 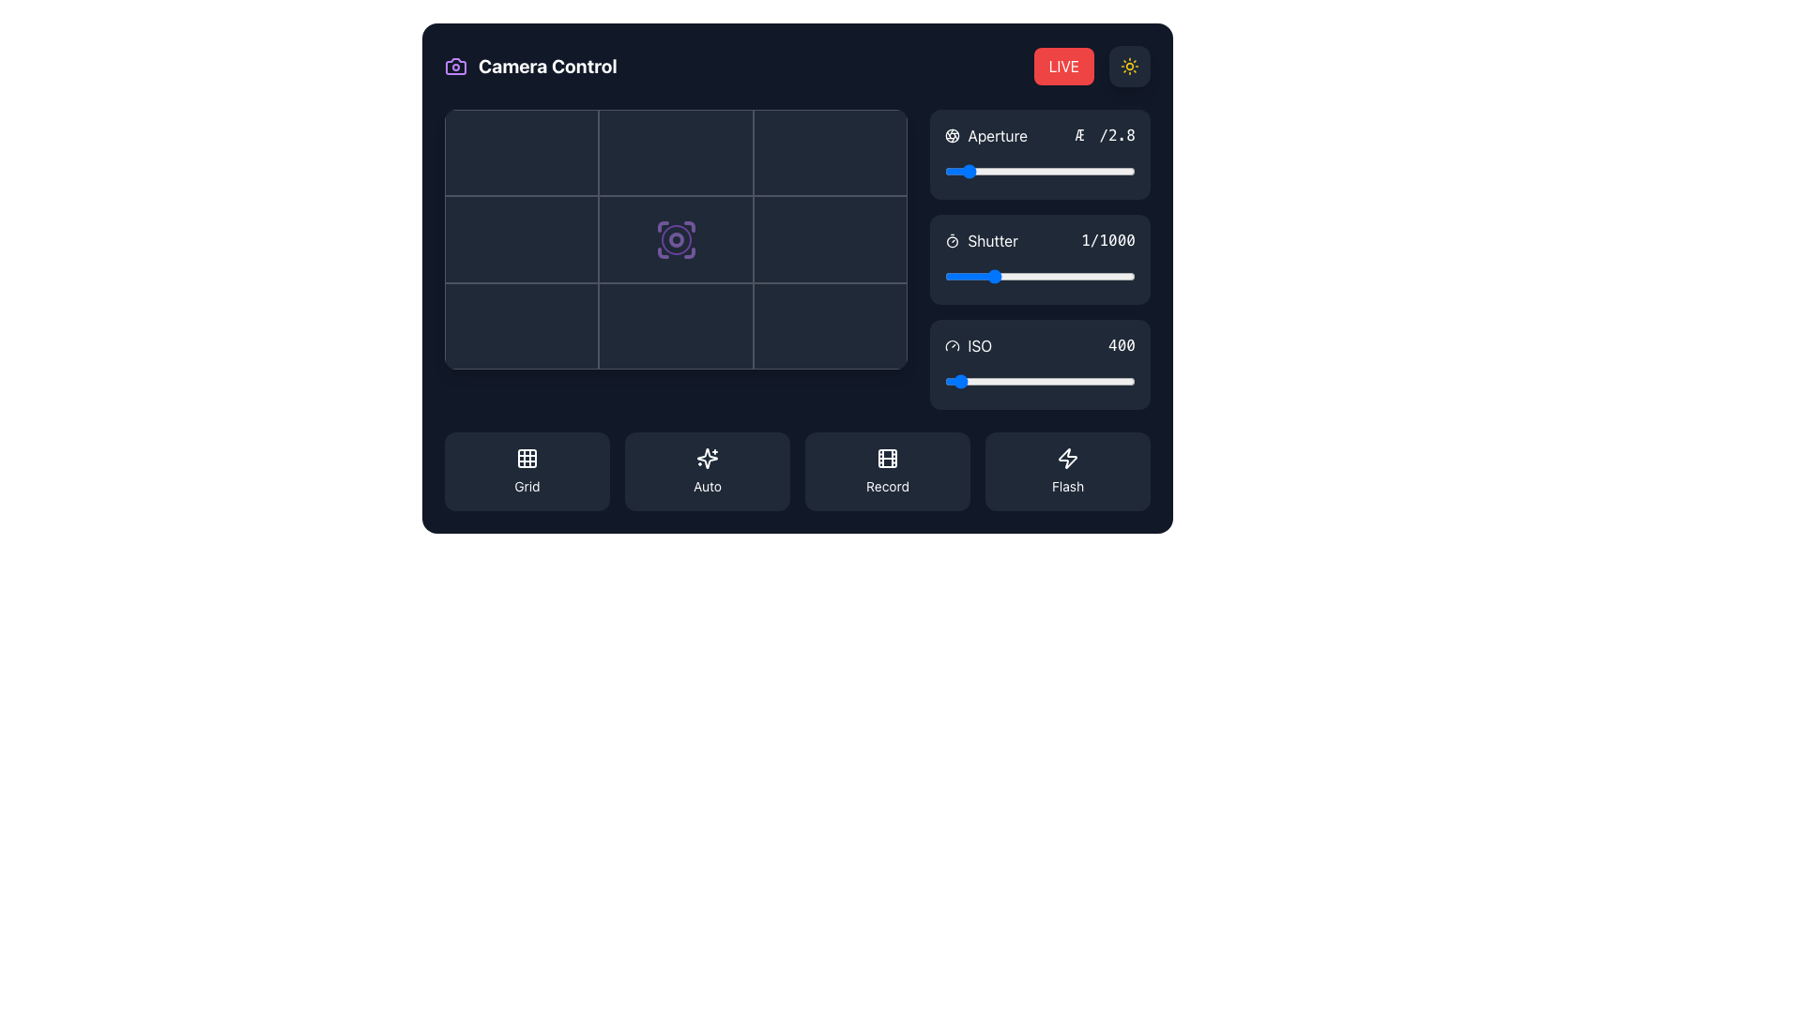 What do you see at coordinates (1129, 65) in the screenshot?
I see `the status indicator icon located in the top-right corner of the interface, adjacent to the 'LIVE' button` at bounding box center [1129, 65].